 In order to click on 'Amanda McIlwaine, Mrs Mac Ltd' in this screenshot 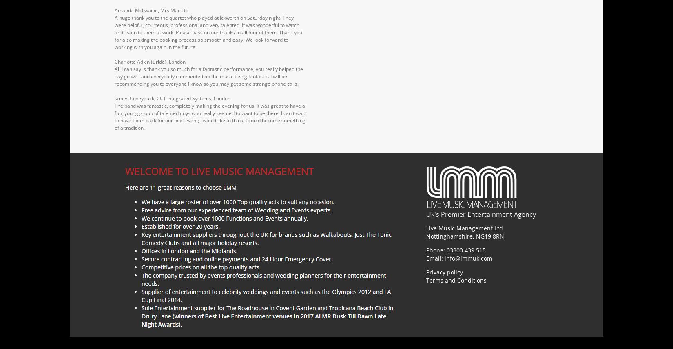, I will do `click(151, 10)`.